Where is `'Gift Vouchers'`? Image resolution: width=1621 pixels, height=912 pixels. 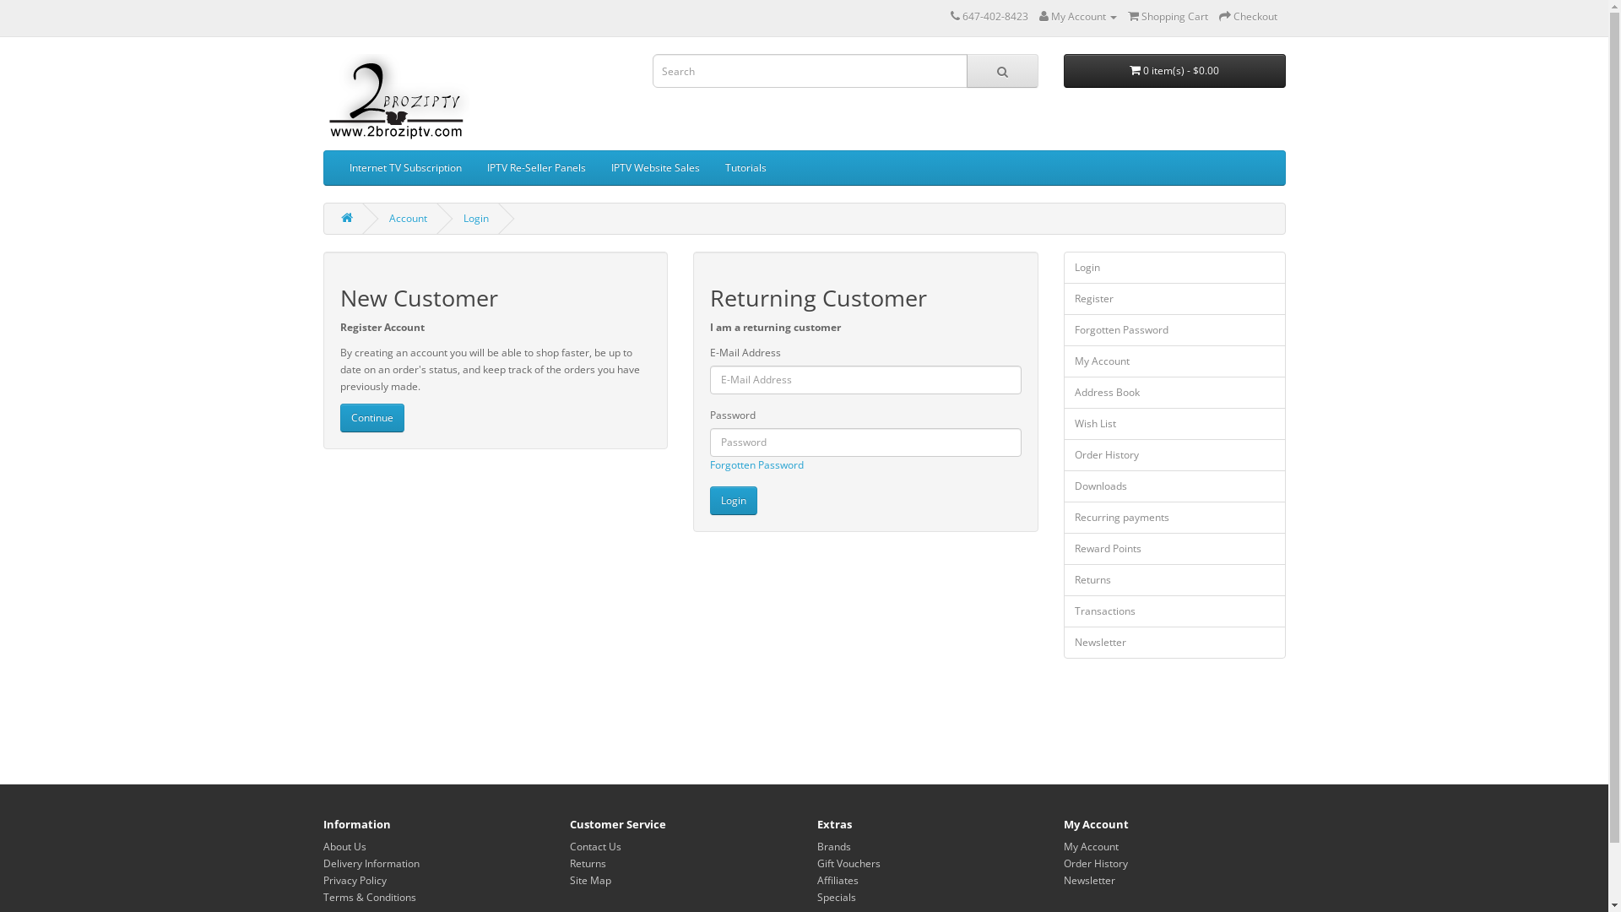
'Gift Vouchers' is located at coordinates (817, 863).